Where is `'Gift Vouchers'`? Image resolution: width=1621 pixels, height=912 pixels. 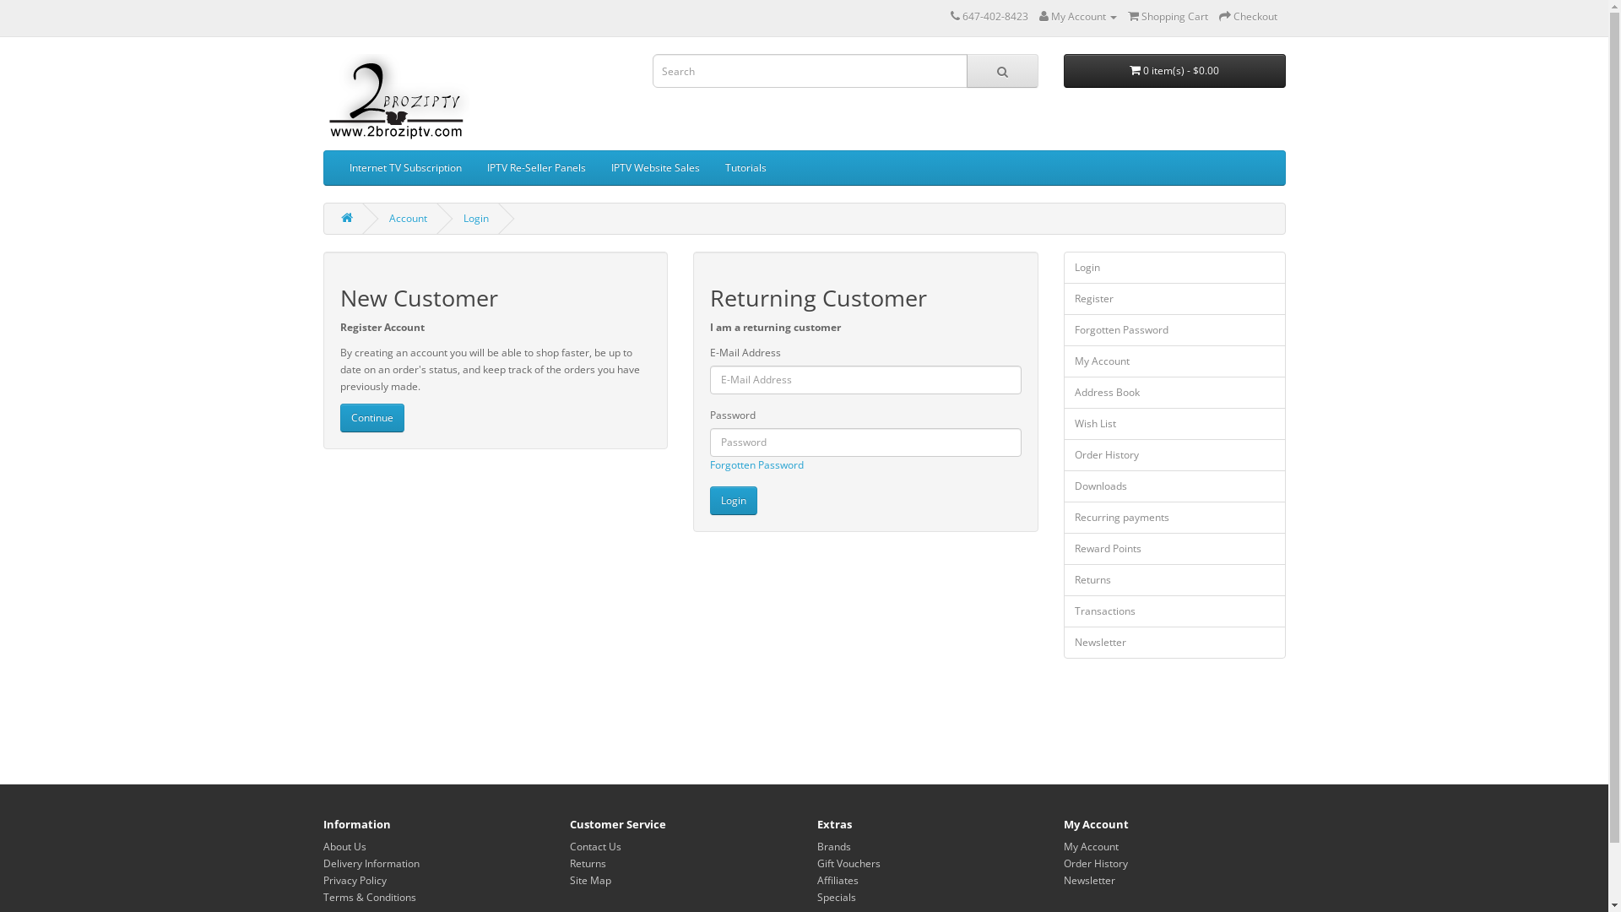
'Gift Vouchers' is located at coordinates (817, 863).